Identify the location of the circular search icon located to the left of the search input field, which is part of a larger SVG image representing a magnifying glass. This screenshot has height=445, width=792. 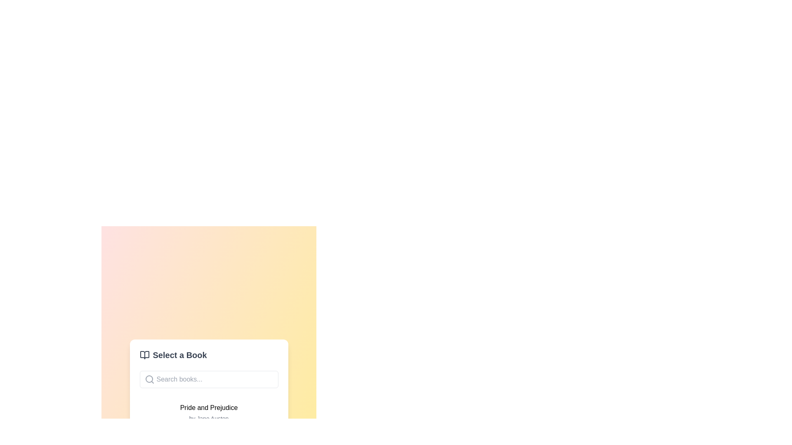
(149, 379).